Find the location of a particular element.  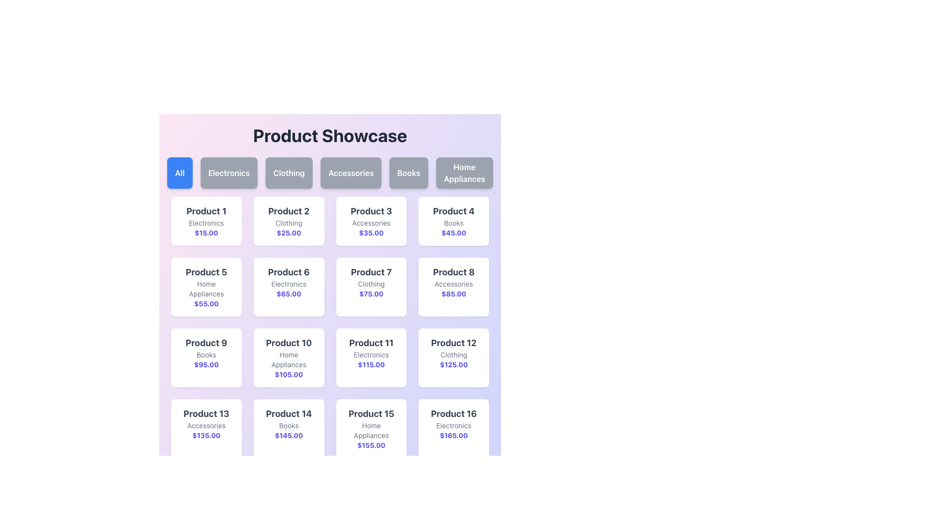

the text label displaying 'Accessories', which is a small gray text centered within a card below the 'Product 3' title and above the '$35.00' price label is located at coordinates (371, 223).